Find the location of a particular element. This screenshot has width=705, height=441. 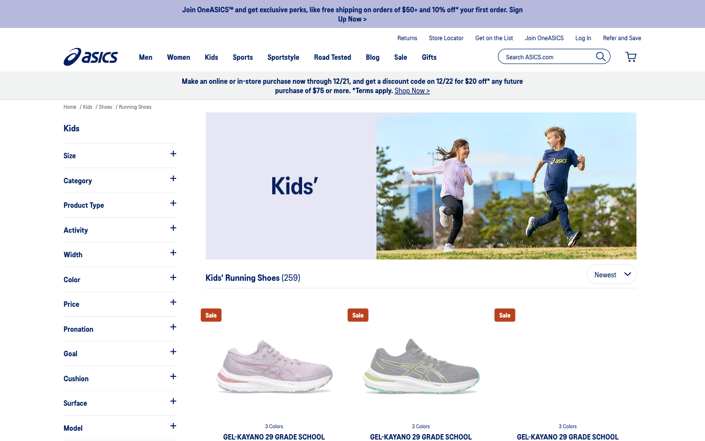

Switch search from kid"s shoes to men"s shoes is located at coordinates (145, 57).